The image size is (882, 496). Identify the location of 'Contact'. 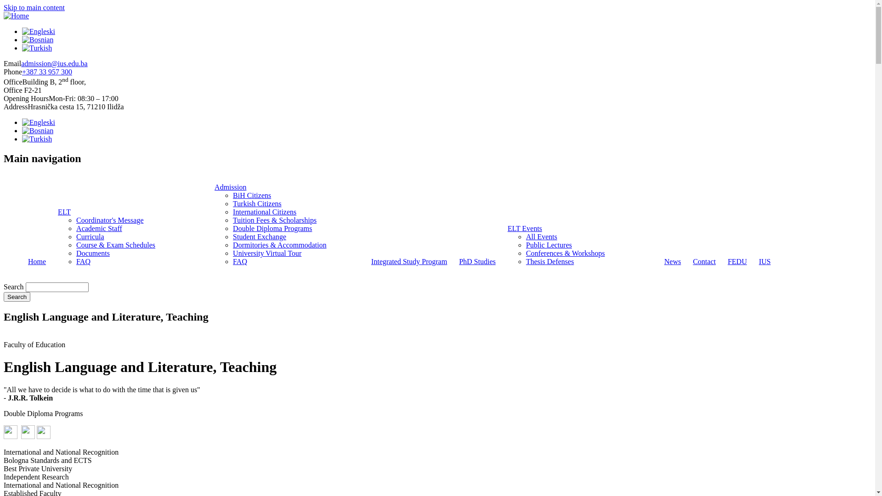
(703, 261).